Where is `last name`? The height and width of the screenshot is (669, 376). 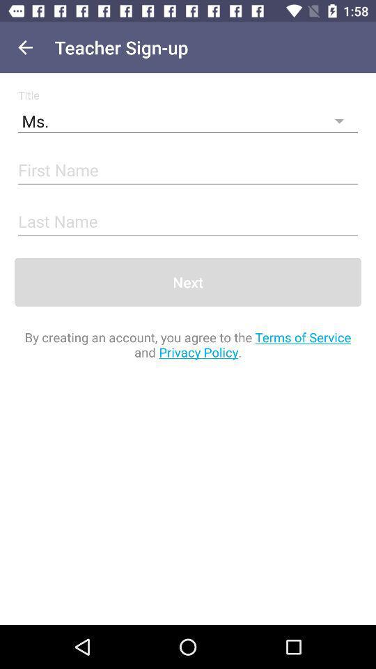
last name is located at coordinates (188, 222).